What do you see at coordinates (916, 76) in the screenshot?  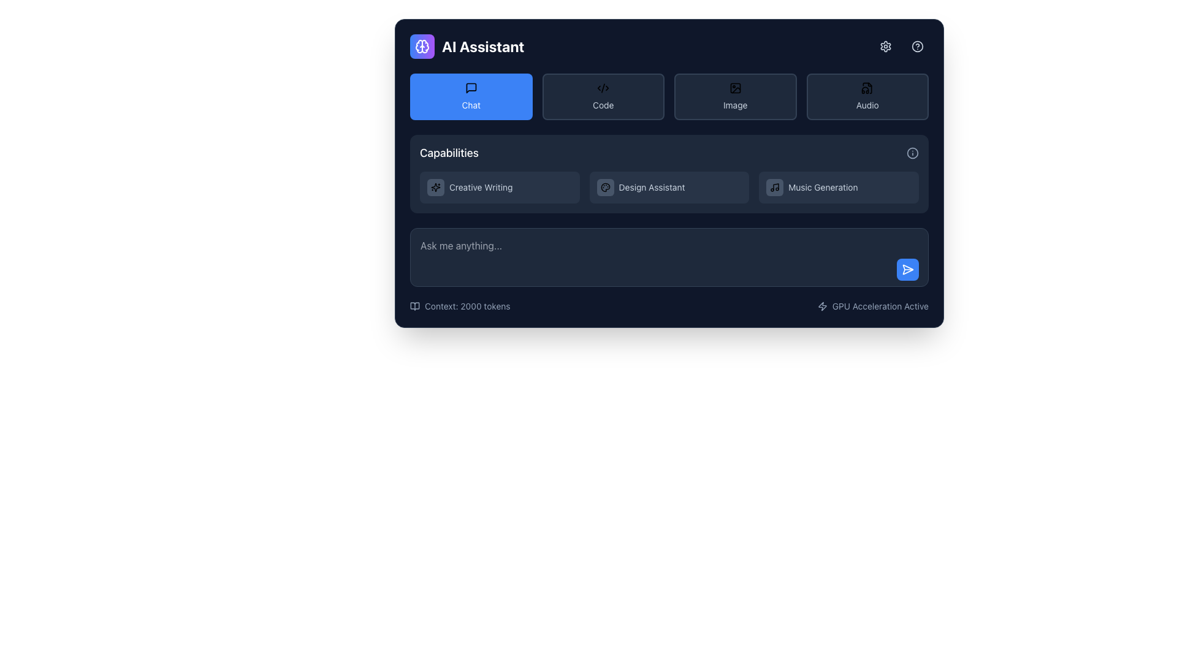 I see `the text label that serves as a guide for accessing help resources, located near the top-right corner of the interface` at bounding box center [916, 76].